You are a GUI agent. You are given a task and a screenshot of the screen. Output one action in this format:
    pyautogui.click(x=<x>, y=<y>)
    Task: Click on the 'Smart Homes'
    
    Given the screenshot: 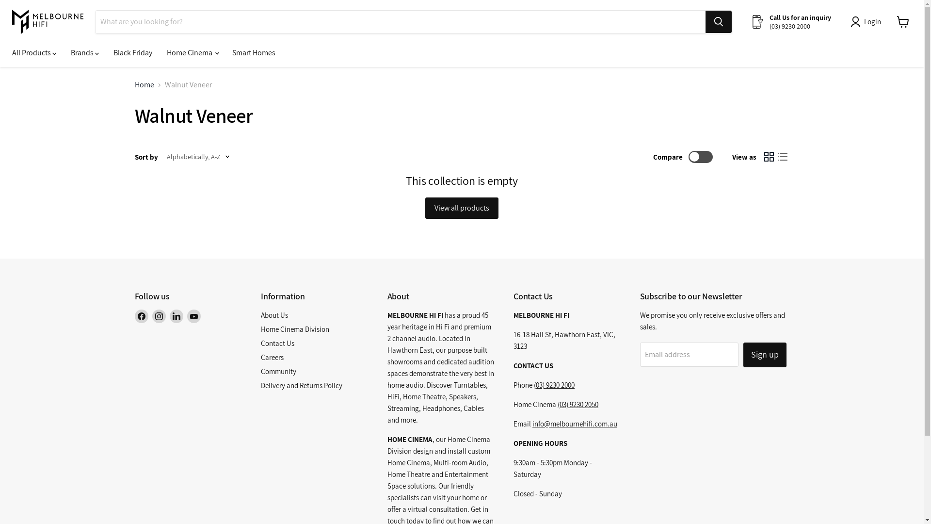 What is the action you would take?
    pyautogui.click(x=254, y=52)
    